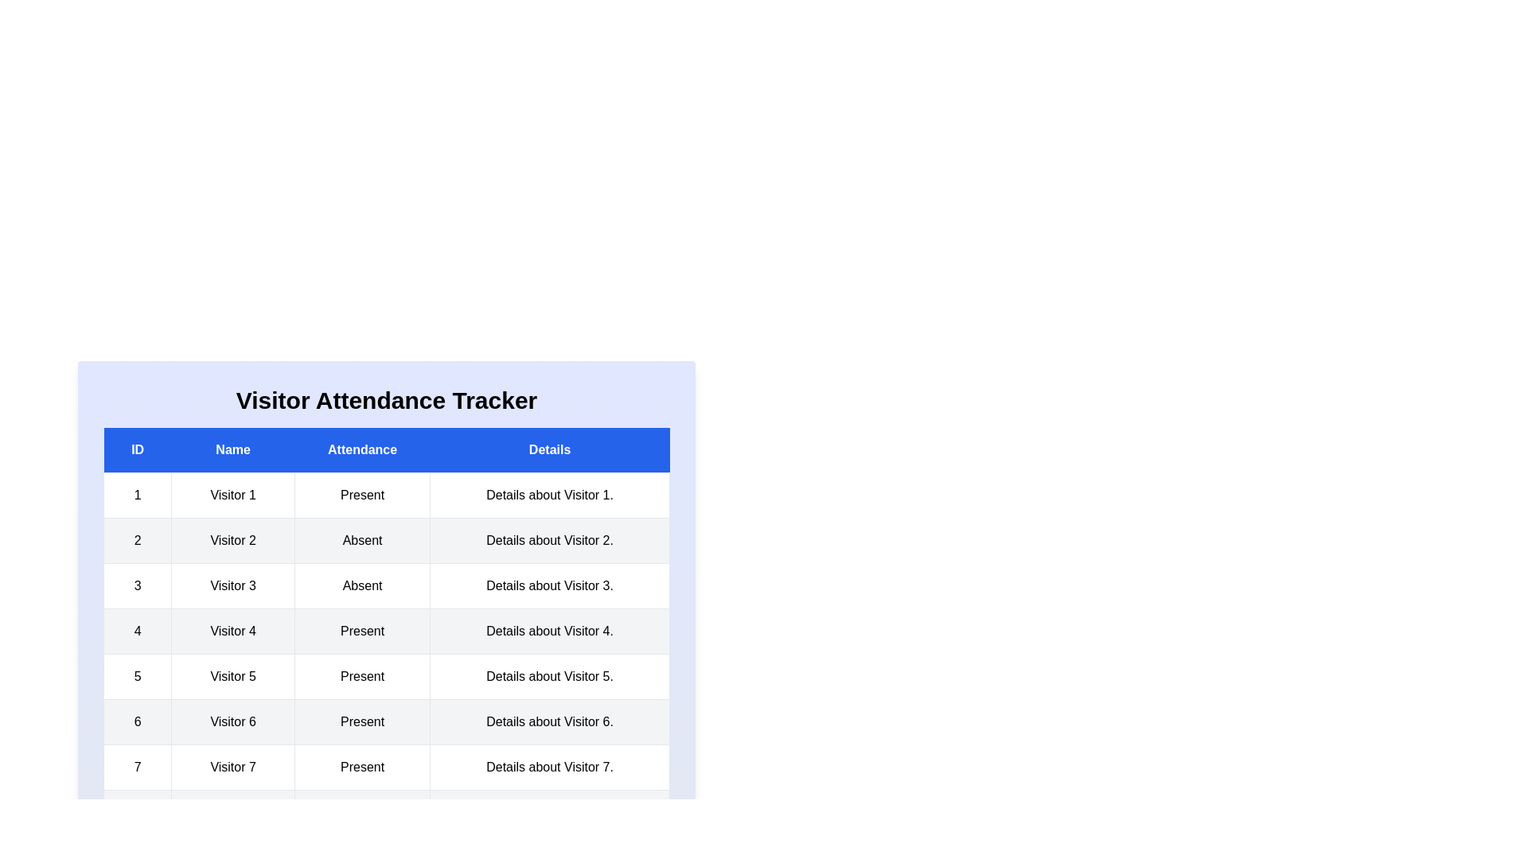  What do you see at coordinates (386, 495) in the screenshot?
I see `the row corresponding to 1` at bounding box center [386, 495].